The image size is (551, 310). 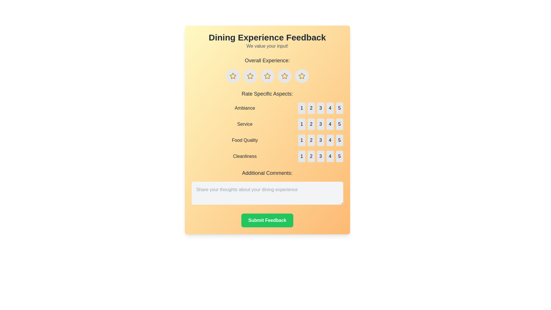 I want to click on the fifth circular button used for rating 'Overall Experience', so click(x=284, y=76).